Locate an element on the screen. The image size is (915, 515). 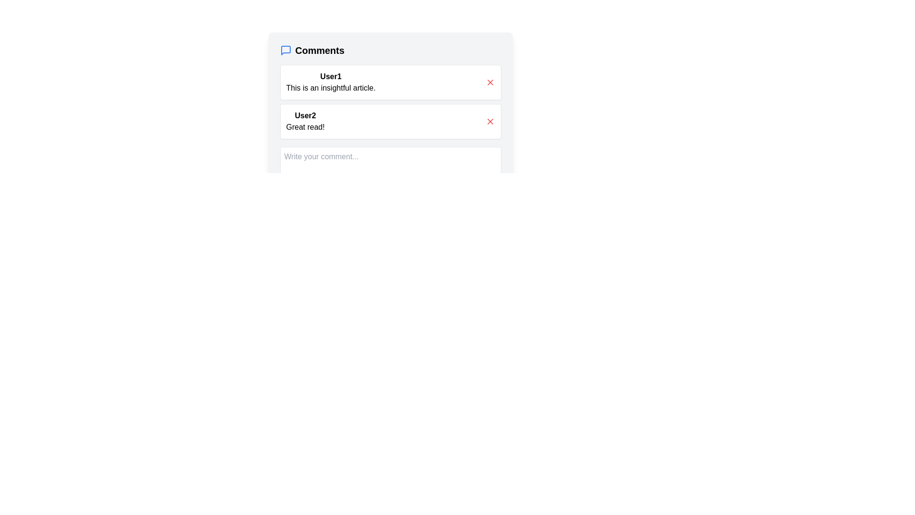
the delete button icon located on the far right of User1's comment is located at coordinates (490, 82).